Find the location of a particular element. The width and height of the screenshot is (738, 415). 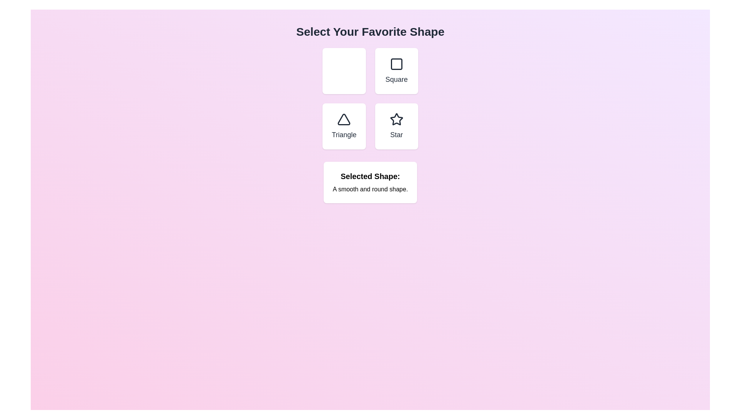

the shape star by clicking its corresponding button is located at coordinates (396, 126).